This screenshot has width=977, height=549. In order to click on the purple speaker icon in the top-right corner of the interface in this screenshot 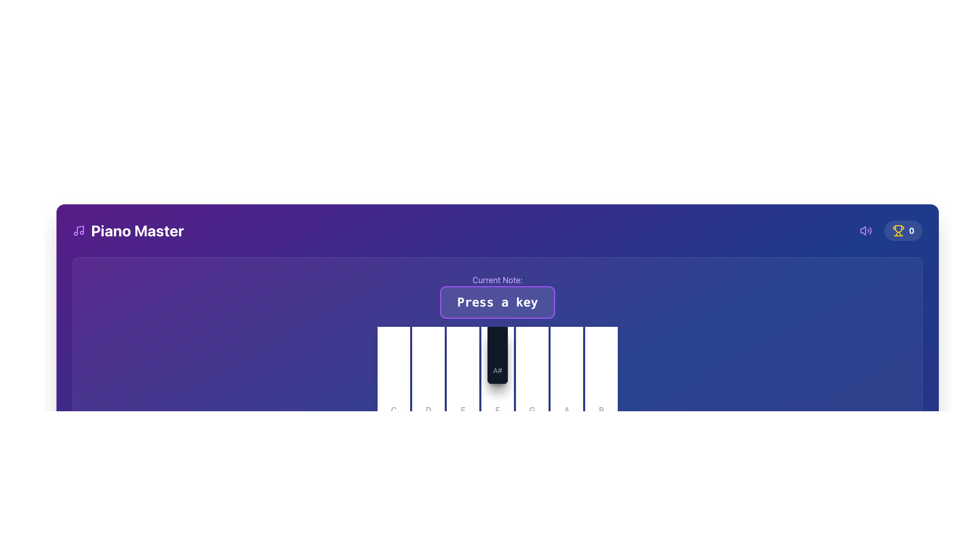, I will do `click(866, 231)`.